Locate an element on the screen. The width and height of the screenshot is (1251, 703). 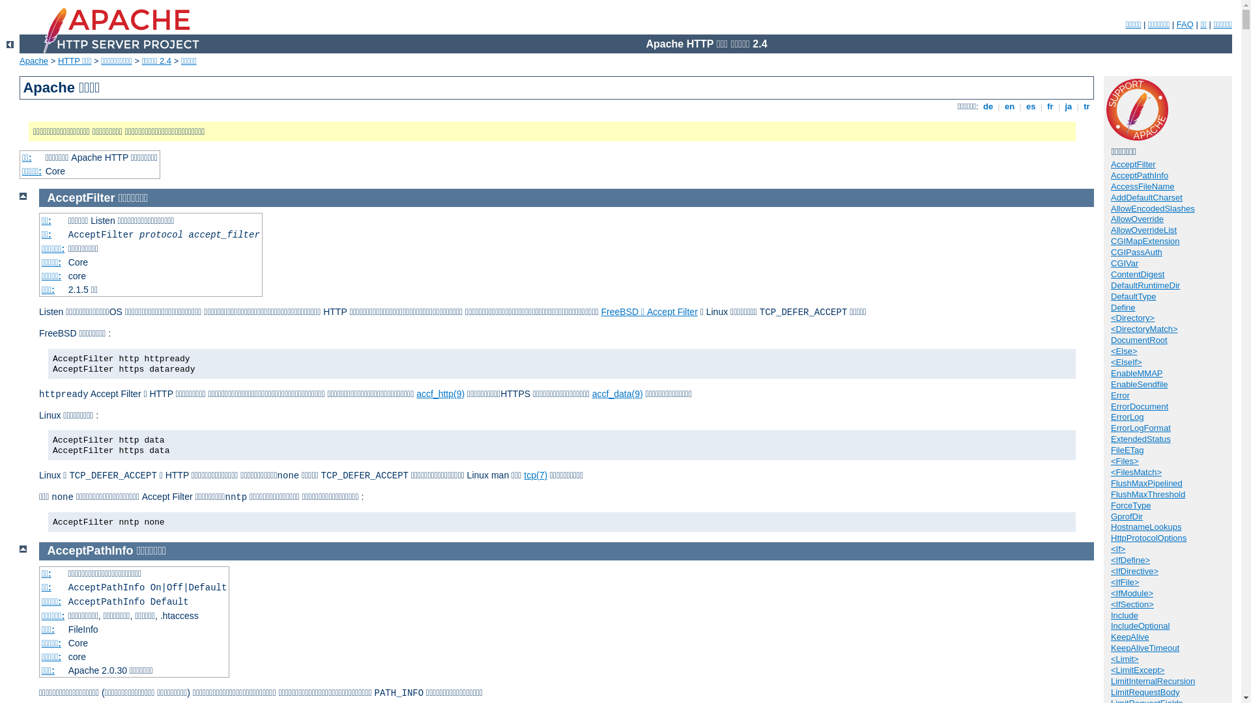
'DocumentRoot' is located at coordinates (1110, 339).